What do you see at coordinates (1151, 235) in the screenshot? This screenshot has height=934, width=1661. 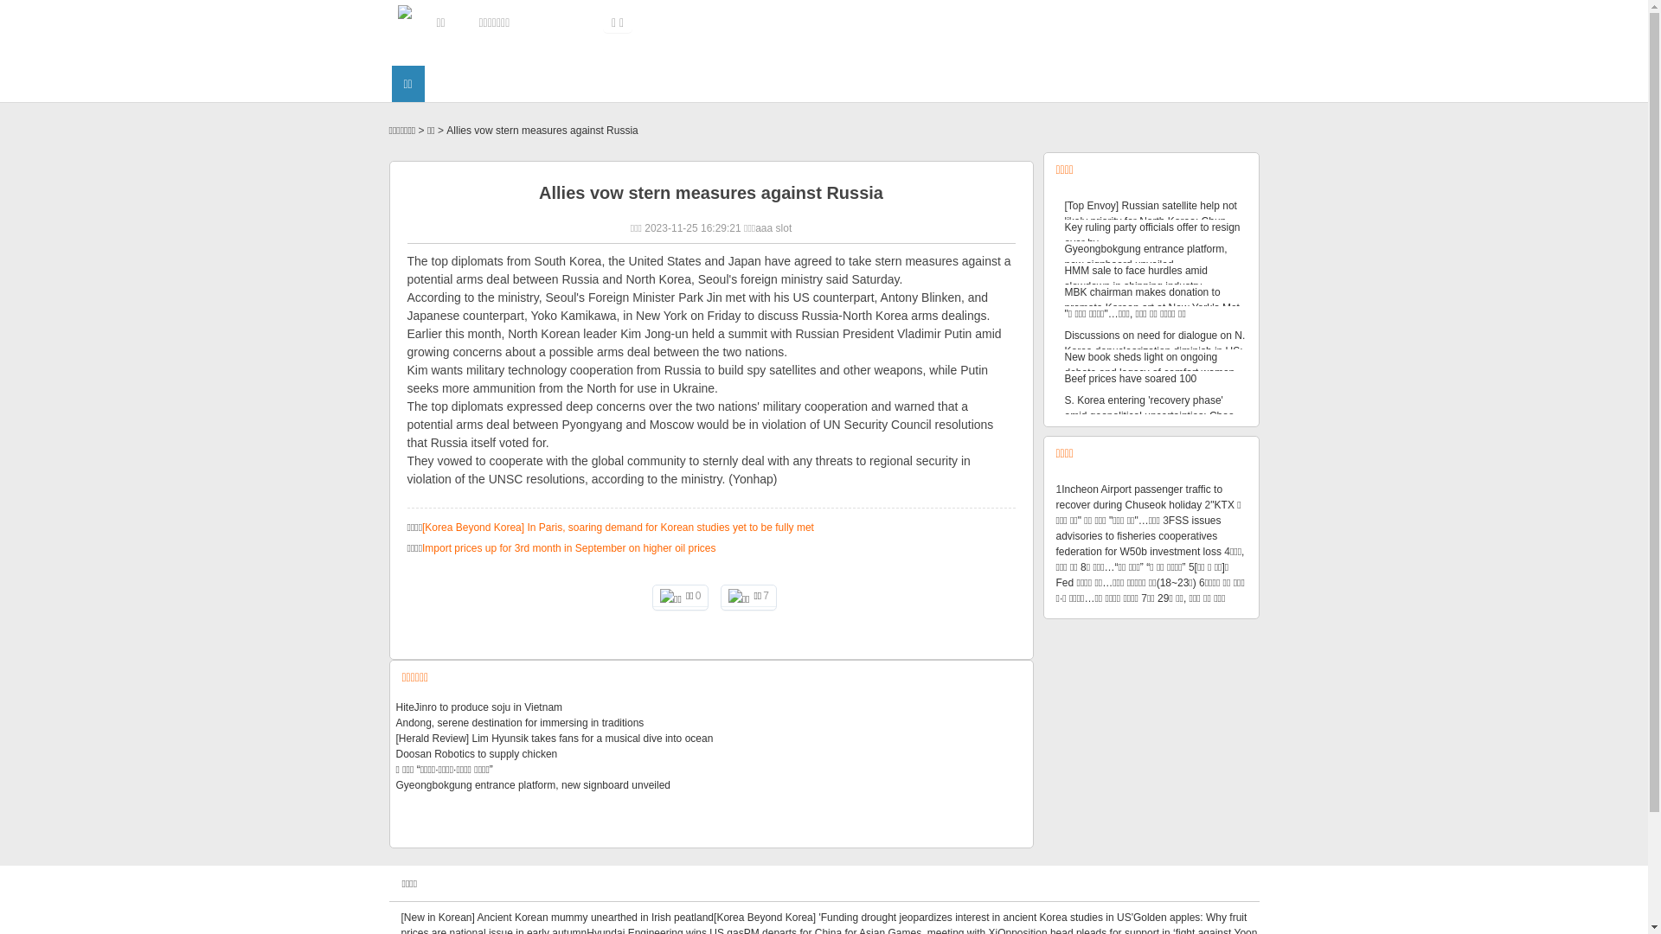 I see `'Key ruling party officials offer to resign over by'` at bounding box center [1151, 235].